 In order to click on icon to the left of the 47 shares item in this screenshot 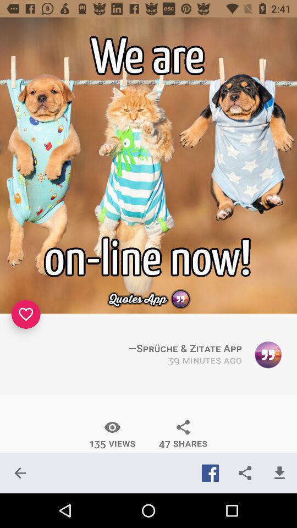, I will do `click(112, 434)`.